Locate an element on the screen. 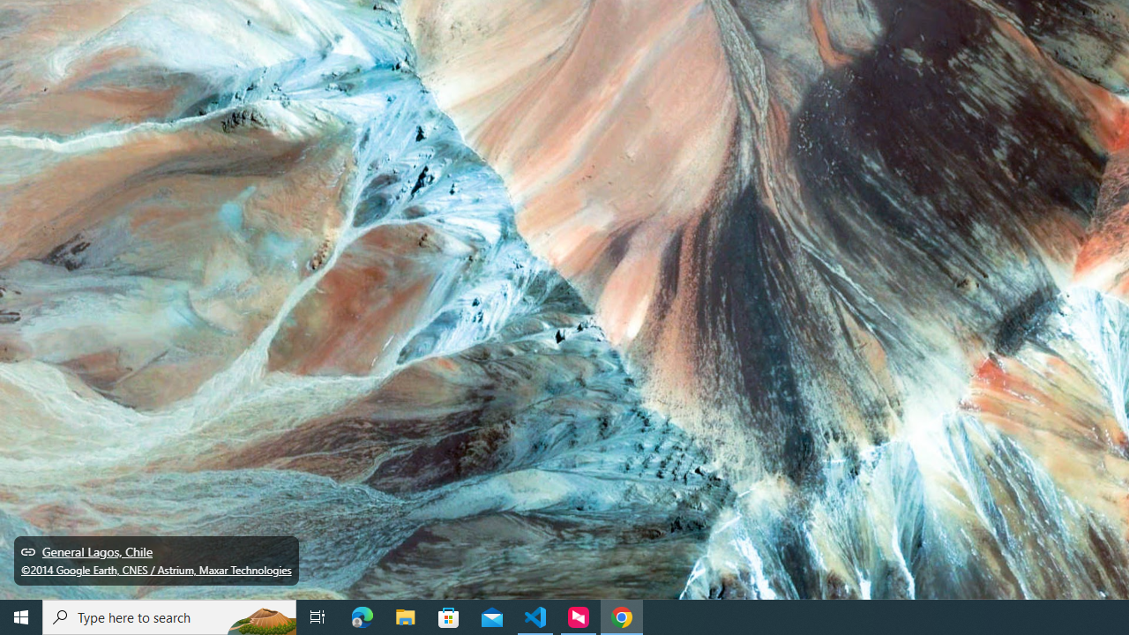 This screenshot has width=1129, height=635. 'Google Chrome - 1 running window' is located at coordinates (622, 616).